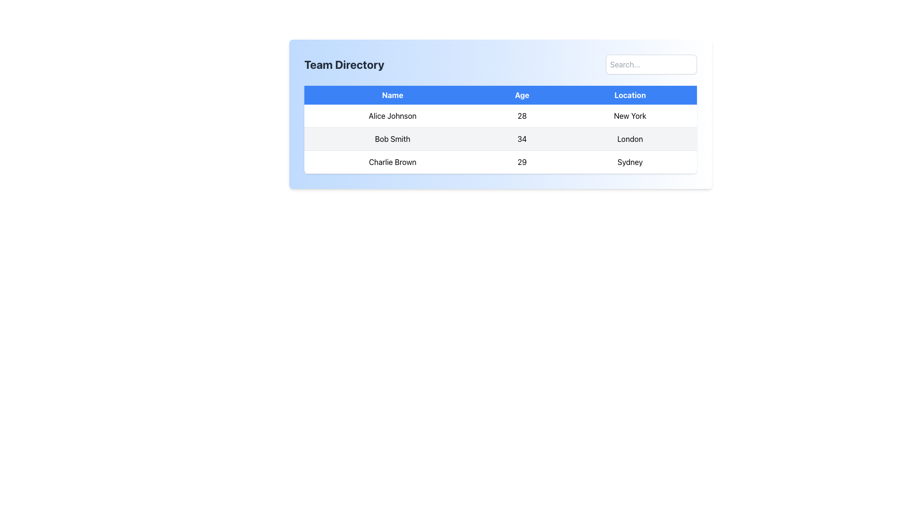 This screenshot has width=906, height=509. Describe the element at coordinates (392, 115) in the screenshot. I see `the text display labeled 'Alice Johnson' which is in the first column of the second row of the team directory table` at that location.